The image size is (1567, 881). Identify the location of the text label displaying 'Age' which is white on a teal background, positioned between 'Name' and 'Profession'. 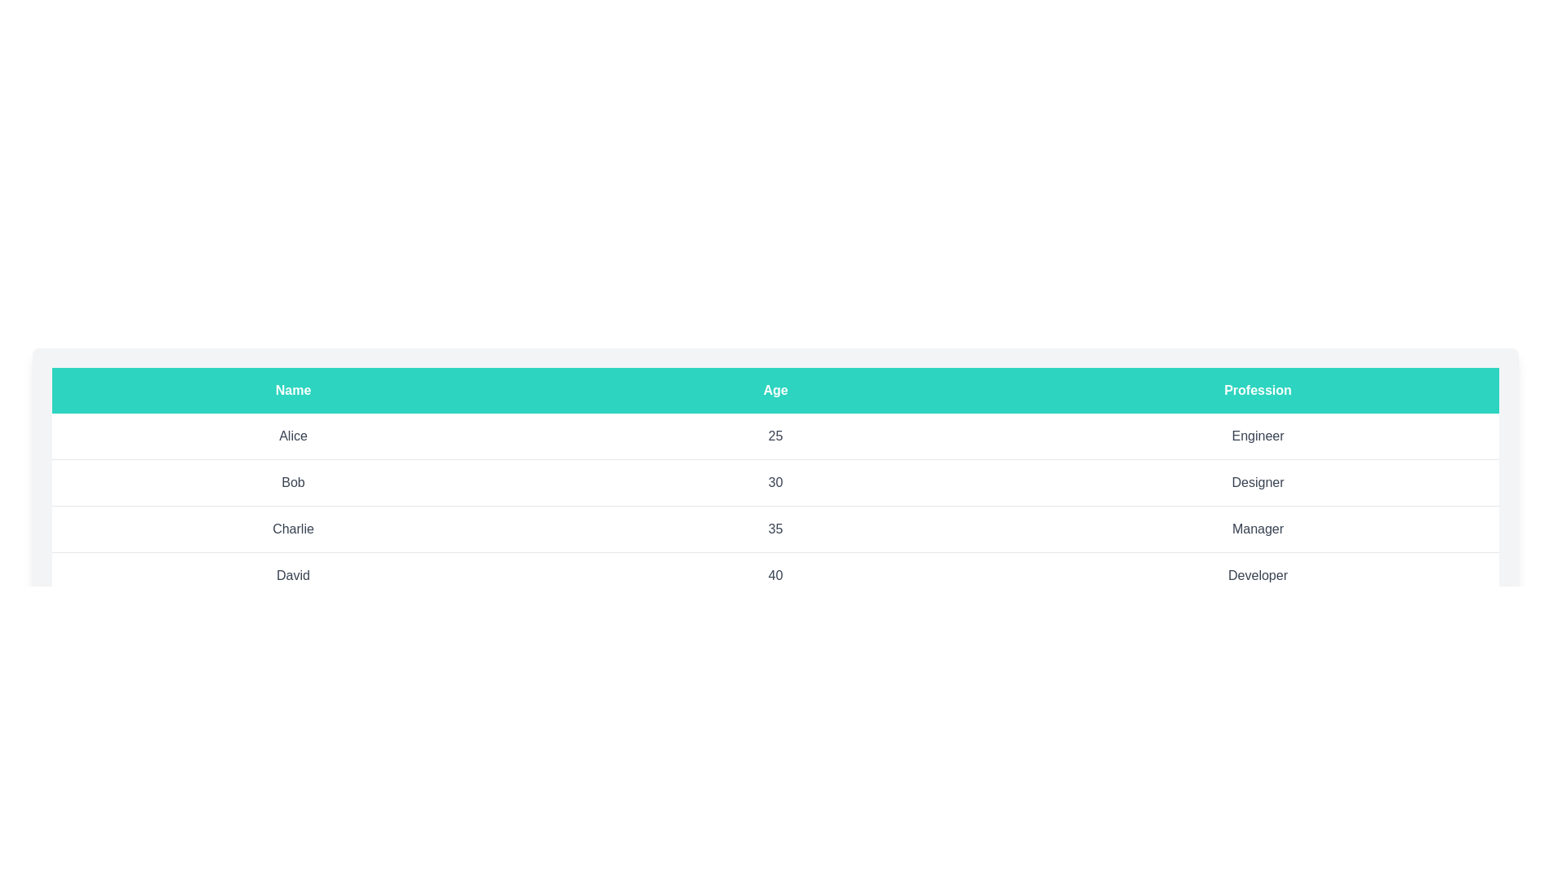
(775, 390).